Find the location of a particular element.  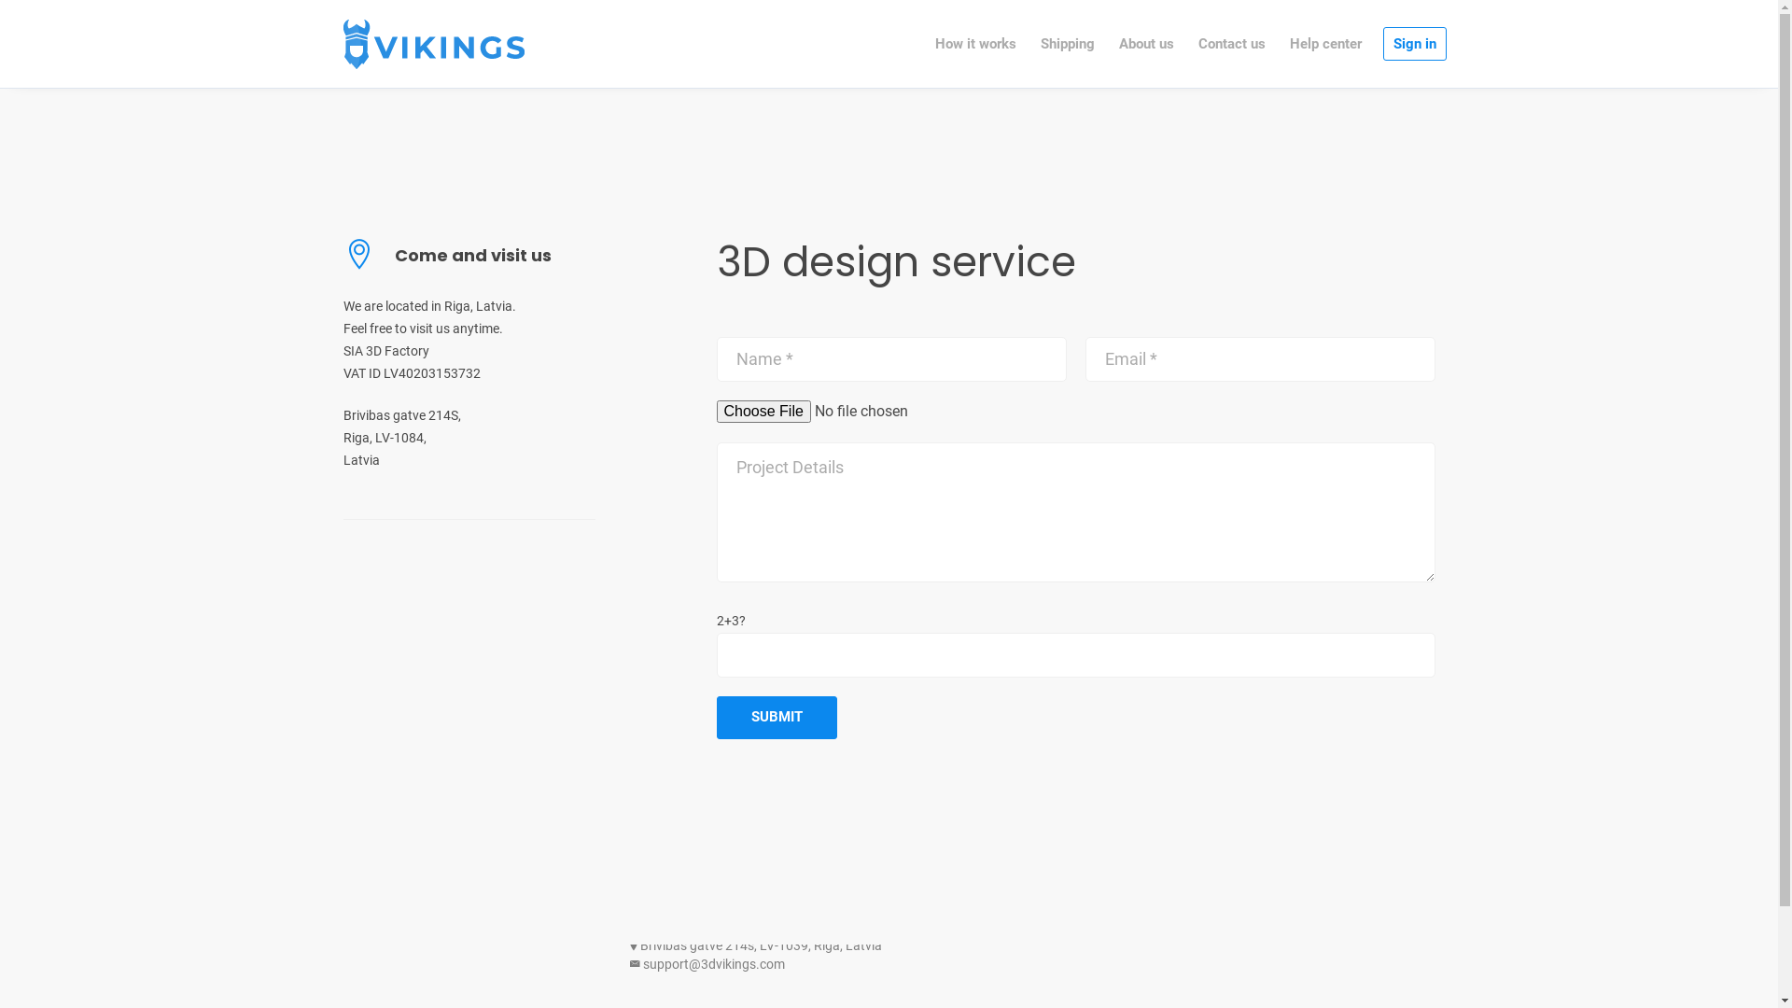

'Terms of Service' is located at coordinates (1374, 926).